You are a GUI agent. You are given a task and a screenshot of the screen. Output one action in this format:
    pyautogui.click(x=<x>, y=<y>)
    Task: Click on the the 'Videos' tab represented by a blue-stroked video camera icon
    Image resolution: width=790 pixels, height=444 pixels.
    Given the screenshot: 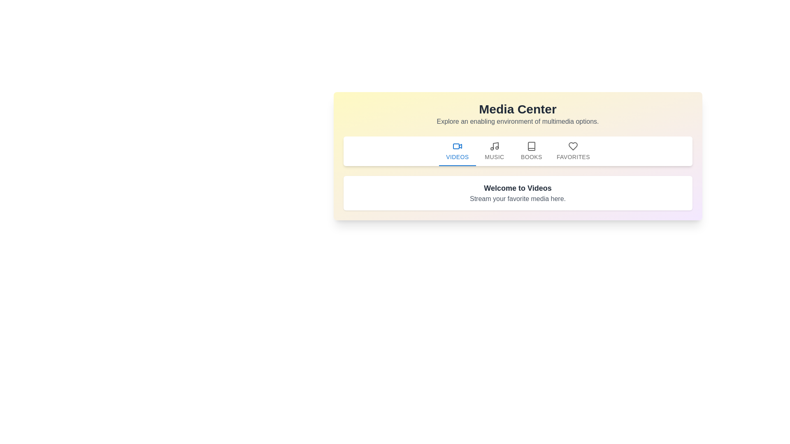 What is the action you would take?
    pyautogui.click(x=457, y=146)
    